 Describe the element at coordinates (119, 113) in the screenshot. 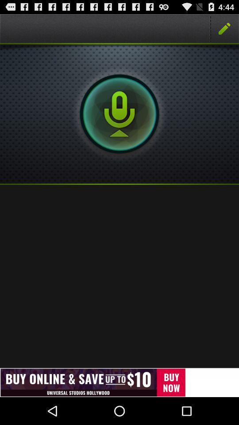

I see `activate microphone` at that location.